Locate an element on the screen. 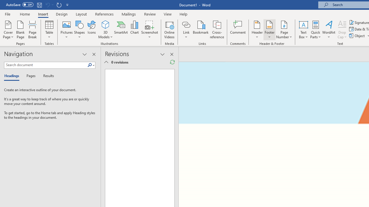 Image resolution: width=369 pixels, height=207 pixels. 'Text Box' is located at coordinates (303, 30).